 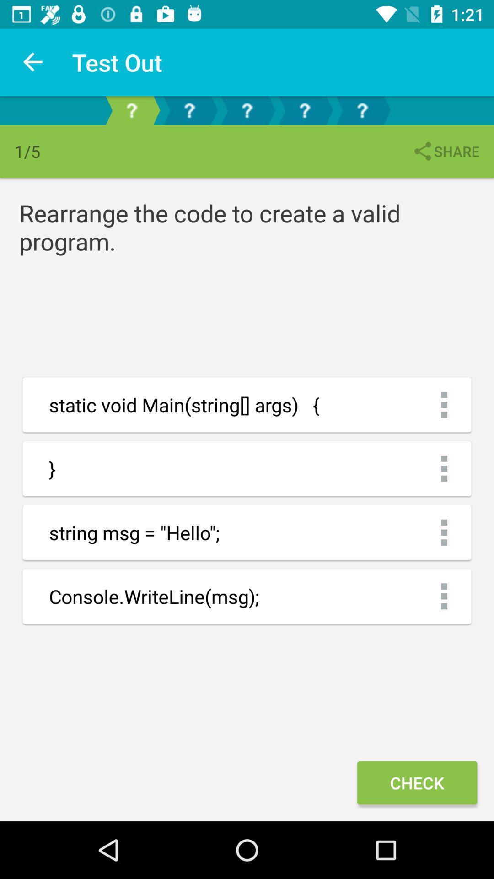 I want to click on the help icon, so click(x=188, y=110).